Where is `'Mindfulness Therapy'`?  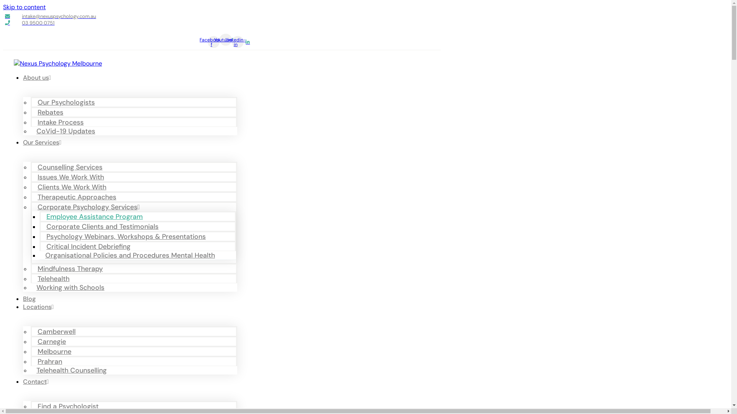
'Mindfulness Therapy' is located at coordinates (72, 268).